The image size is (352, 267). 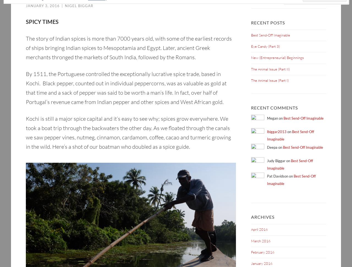 I want to click on 'The Animal Issue (Part II)', so click(x=270, y=69).